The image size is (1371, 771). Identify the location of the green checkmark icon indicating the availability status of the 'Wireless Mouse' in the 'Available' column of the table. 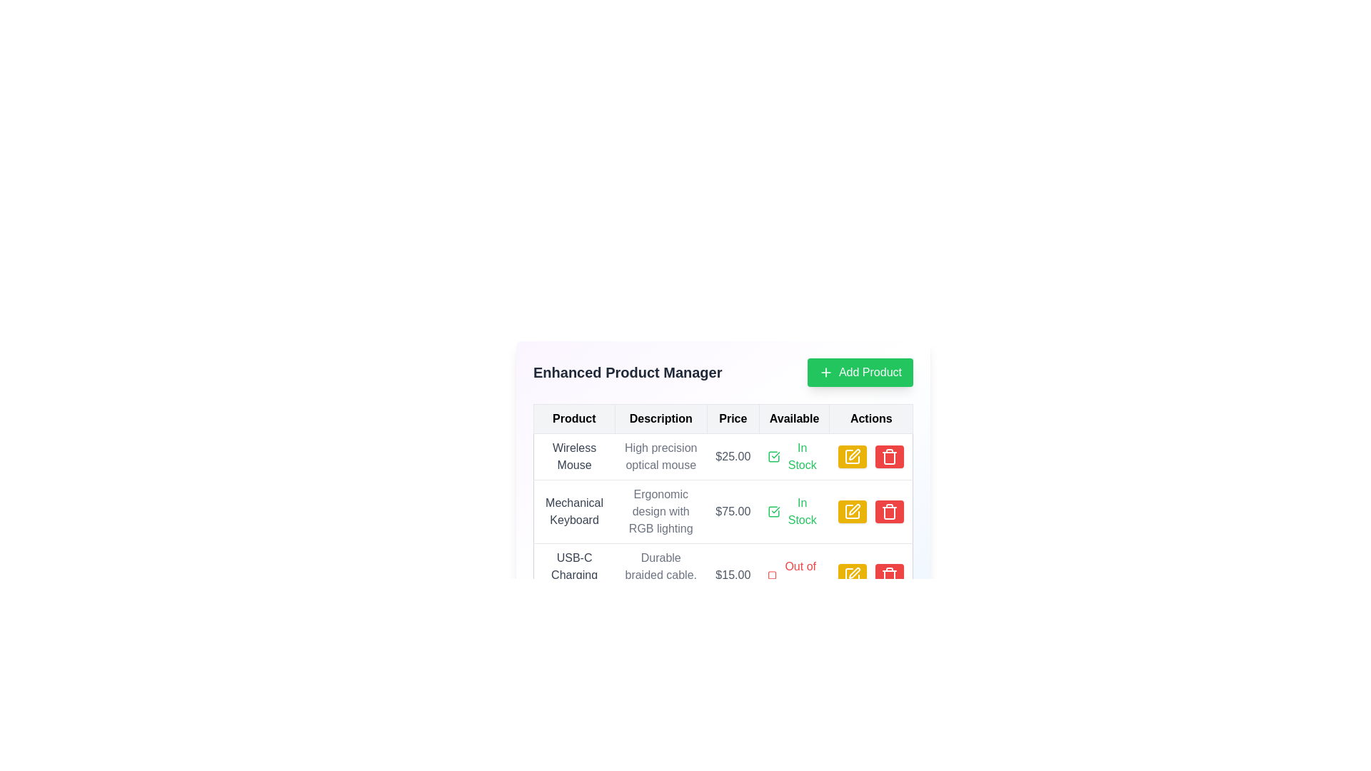
(793, 457).